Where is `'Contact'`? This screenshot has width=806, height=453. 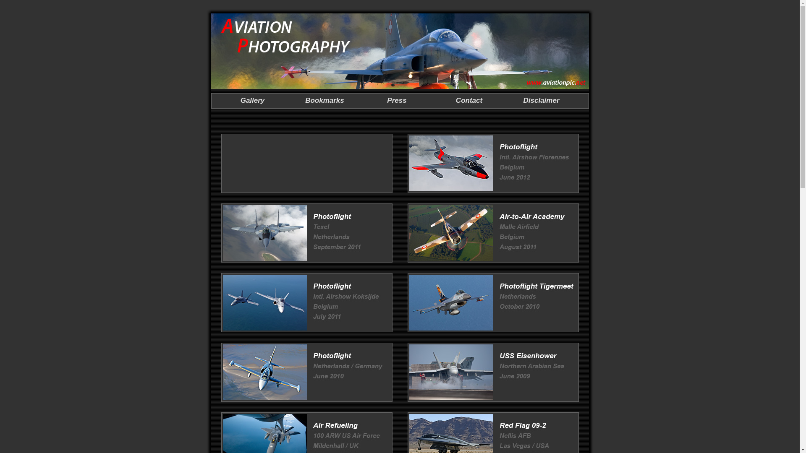 'Contact' is located at coordinates (455, 100).